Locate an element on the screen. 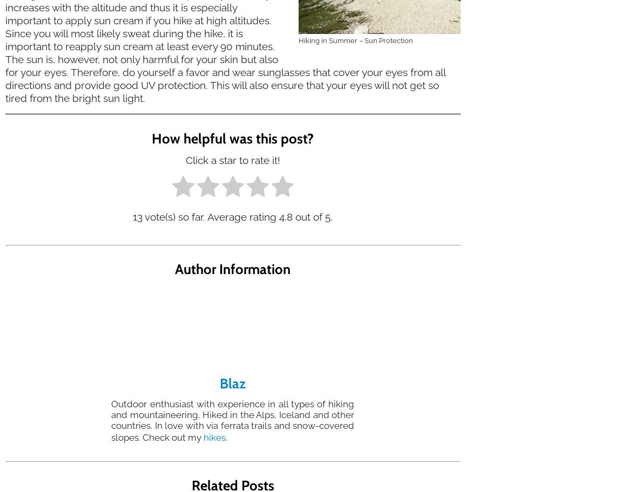 The image size is (621, 492). 'How helpful was this post?' is located at coordinates (233, 138).